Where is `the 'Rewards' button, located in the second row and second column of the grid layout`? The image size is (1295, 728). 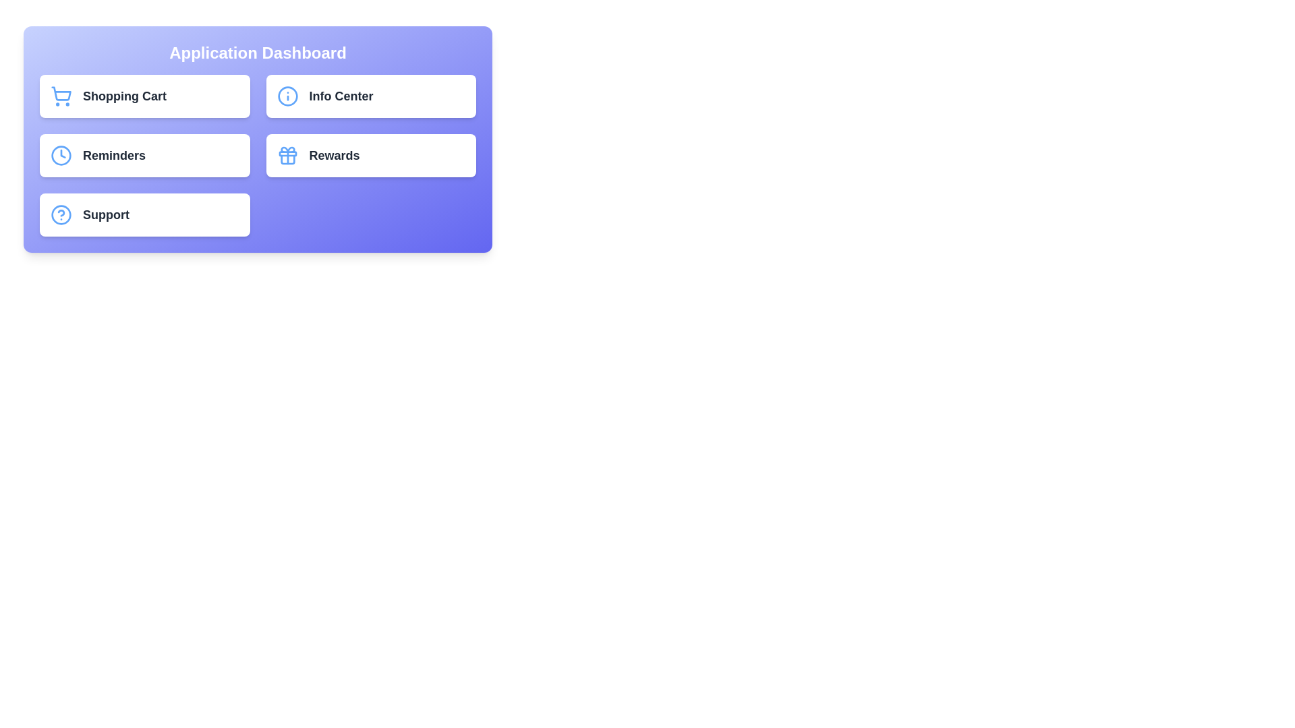 the 'Rewards' button, located in the second row and second column of the grid layout is located at coordinates (371, 155).